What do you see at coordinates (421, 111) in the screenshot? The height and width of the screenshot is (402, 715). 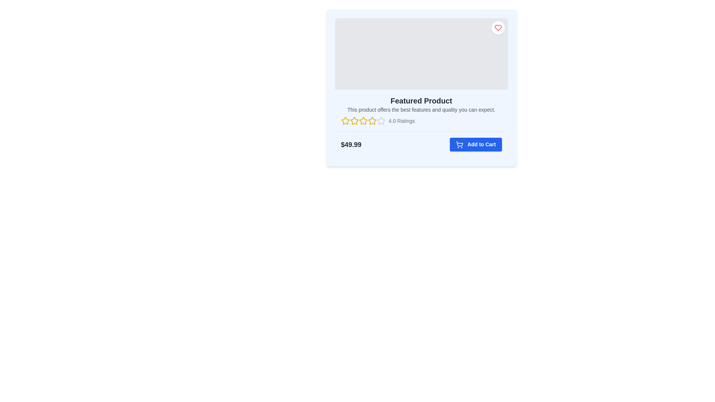 I see `textual information from the Informational Content Block titled 'Featured Product', which includes the description 'This product offers the best features and quality you can expect.' and the rating '4.0 Ratings'` at bounding box center [421, 111].